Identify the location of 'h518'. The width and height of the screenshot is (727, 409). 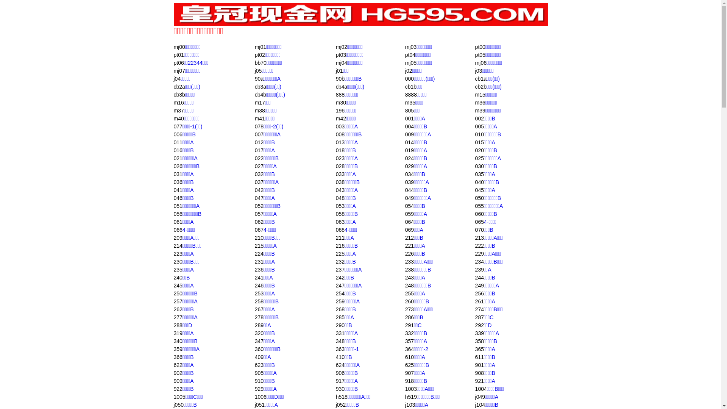
(335, 397).